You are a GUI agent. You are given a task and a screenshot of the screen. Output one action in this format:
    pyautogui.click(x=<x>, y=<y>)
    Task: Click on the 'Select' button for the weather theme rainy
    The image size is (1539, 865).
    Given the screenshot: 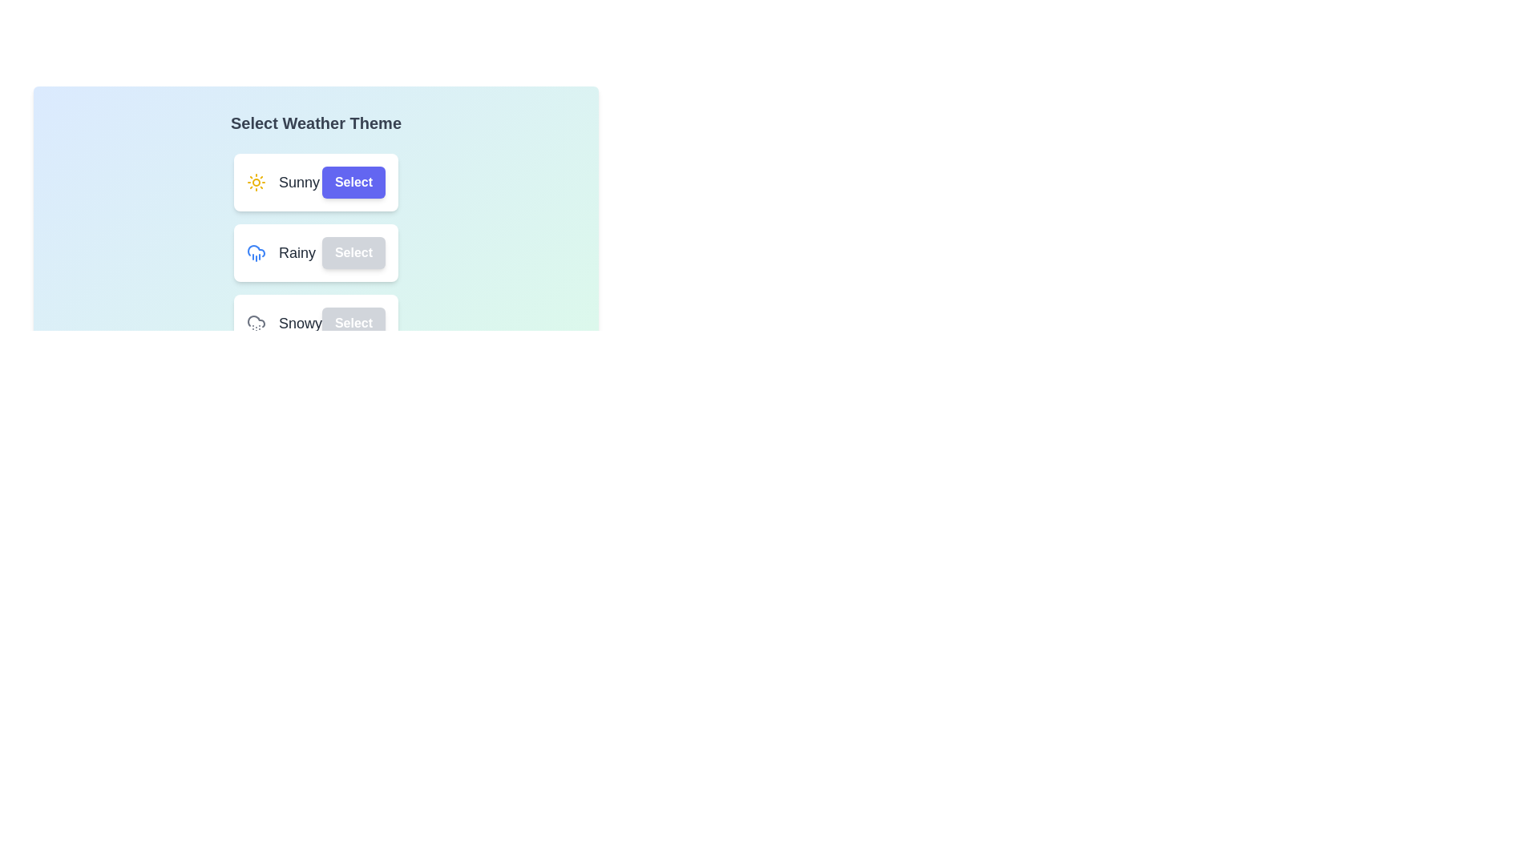 What is the action you would take?
    pyautogui.click(x=353, y=252)
    